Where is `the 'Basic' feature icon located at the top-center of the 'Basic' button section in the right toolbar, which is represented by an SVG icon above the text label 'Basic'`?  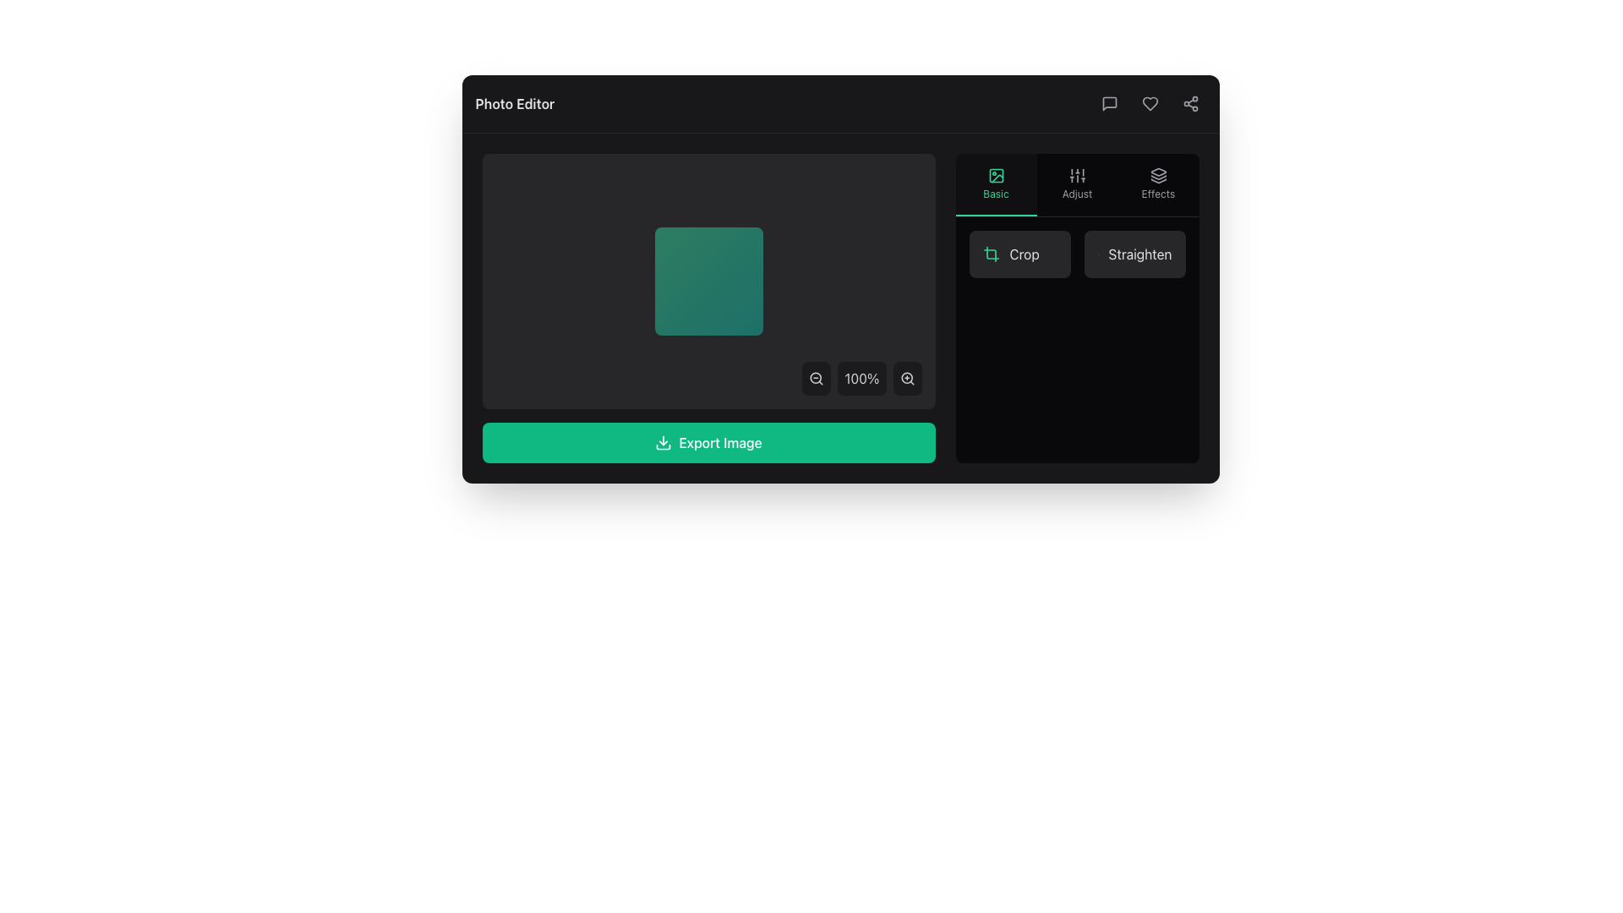
the 'Basic' feature icon located at the top-center of the 'Basic' button section in the right toolbar, which is represented by an SVG icon above the text label 'Basic' is located at coordinates (996, 176).